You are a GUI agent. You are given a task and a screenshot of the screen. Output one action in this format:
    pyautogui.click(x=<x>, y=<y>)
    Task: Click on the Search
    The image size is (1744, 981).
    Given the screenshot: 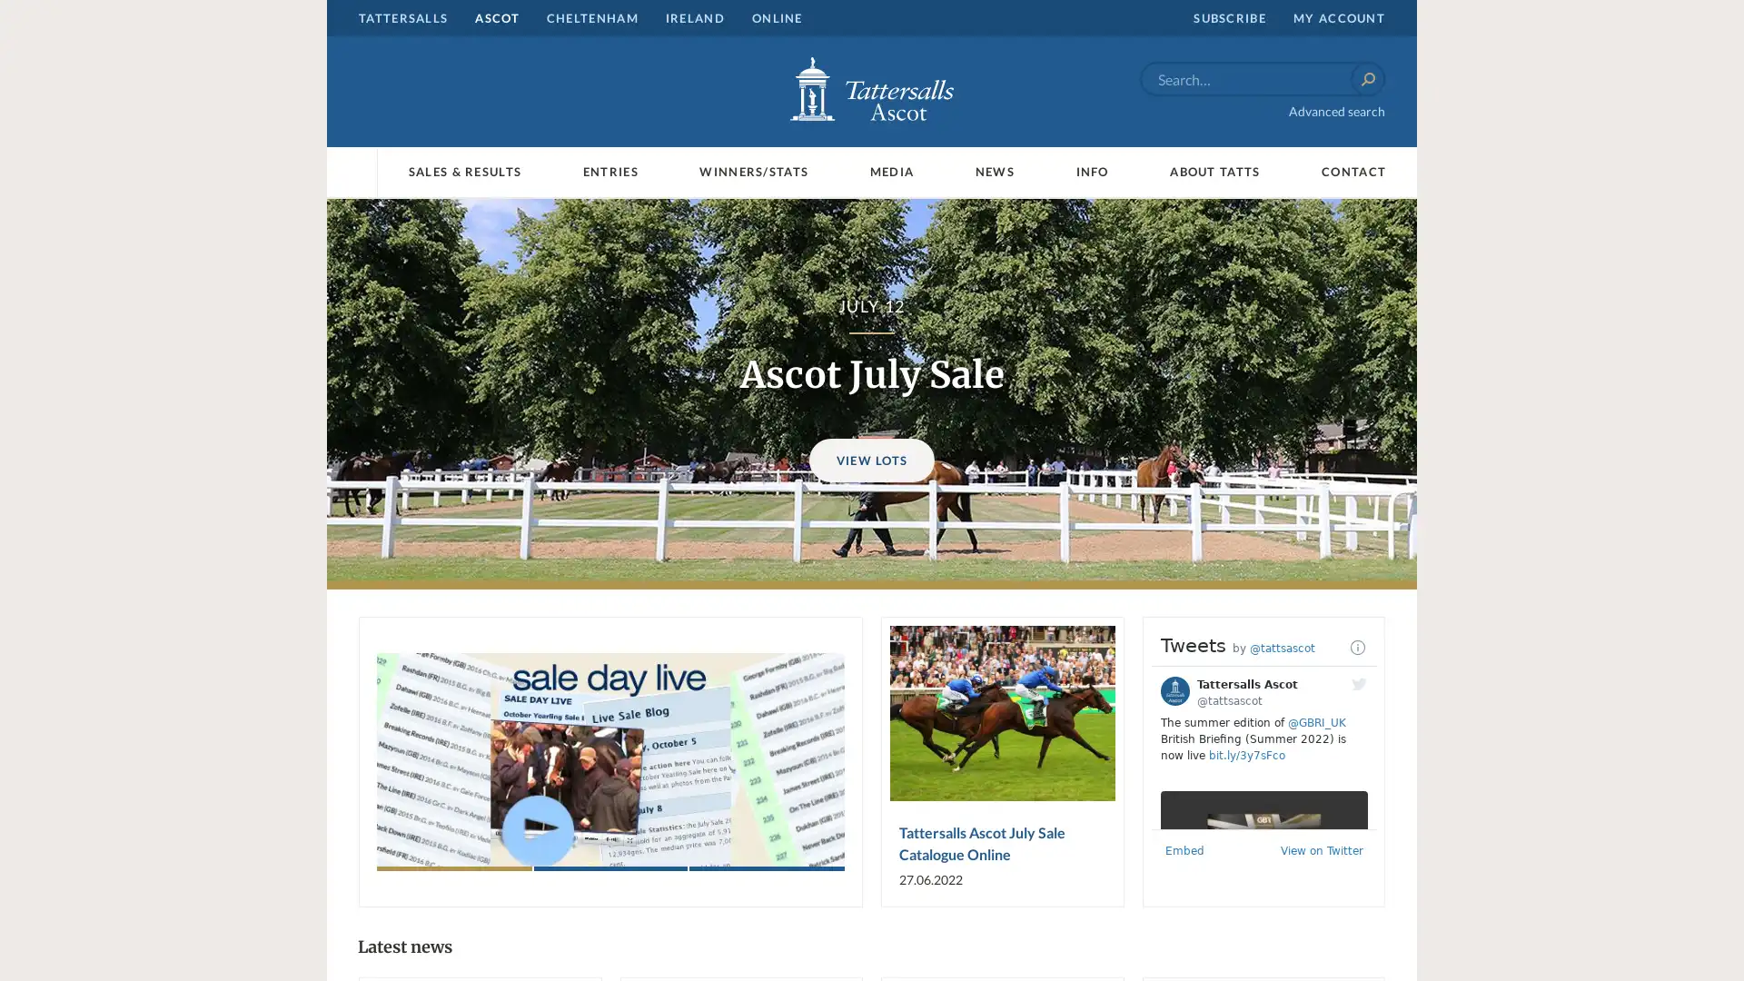 What is the action you would take?
    pyautogui.click(x=1368, y=78)
    